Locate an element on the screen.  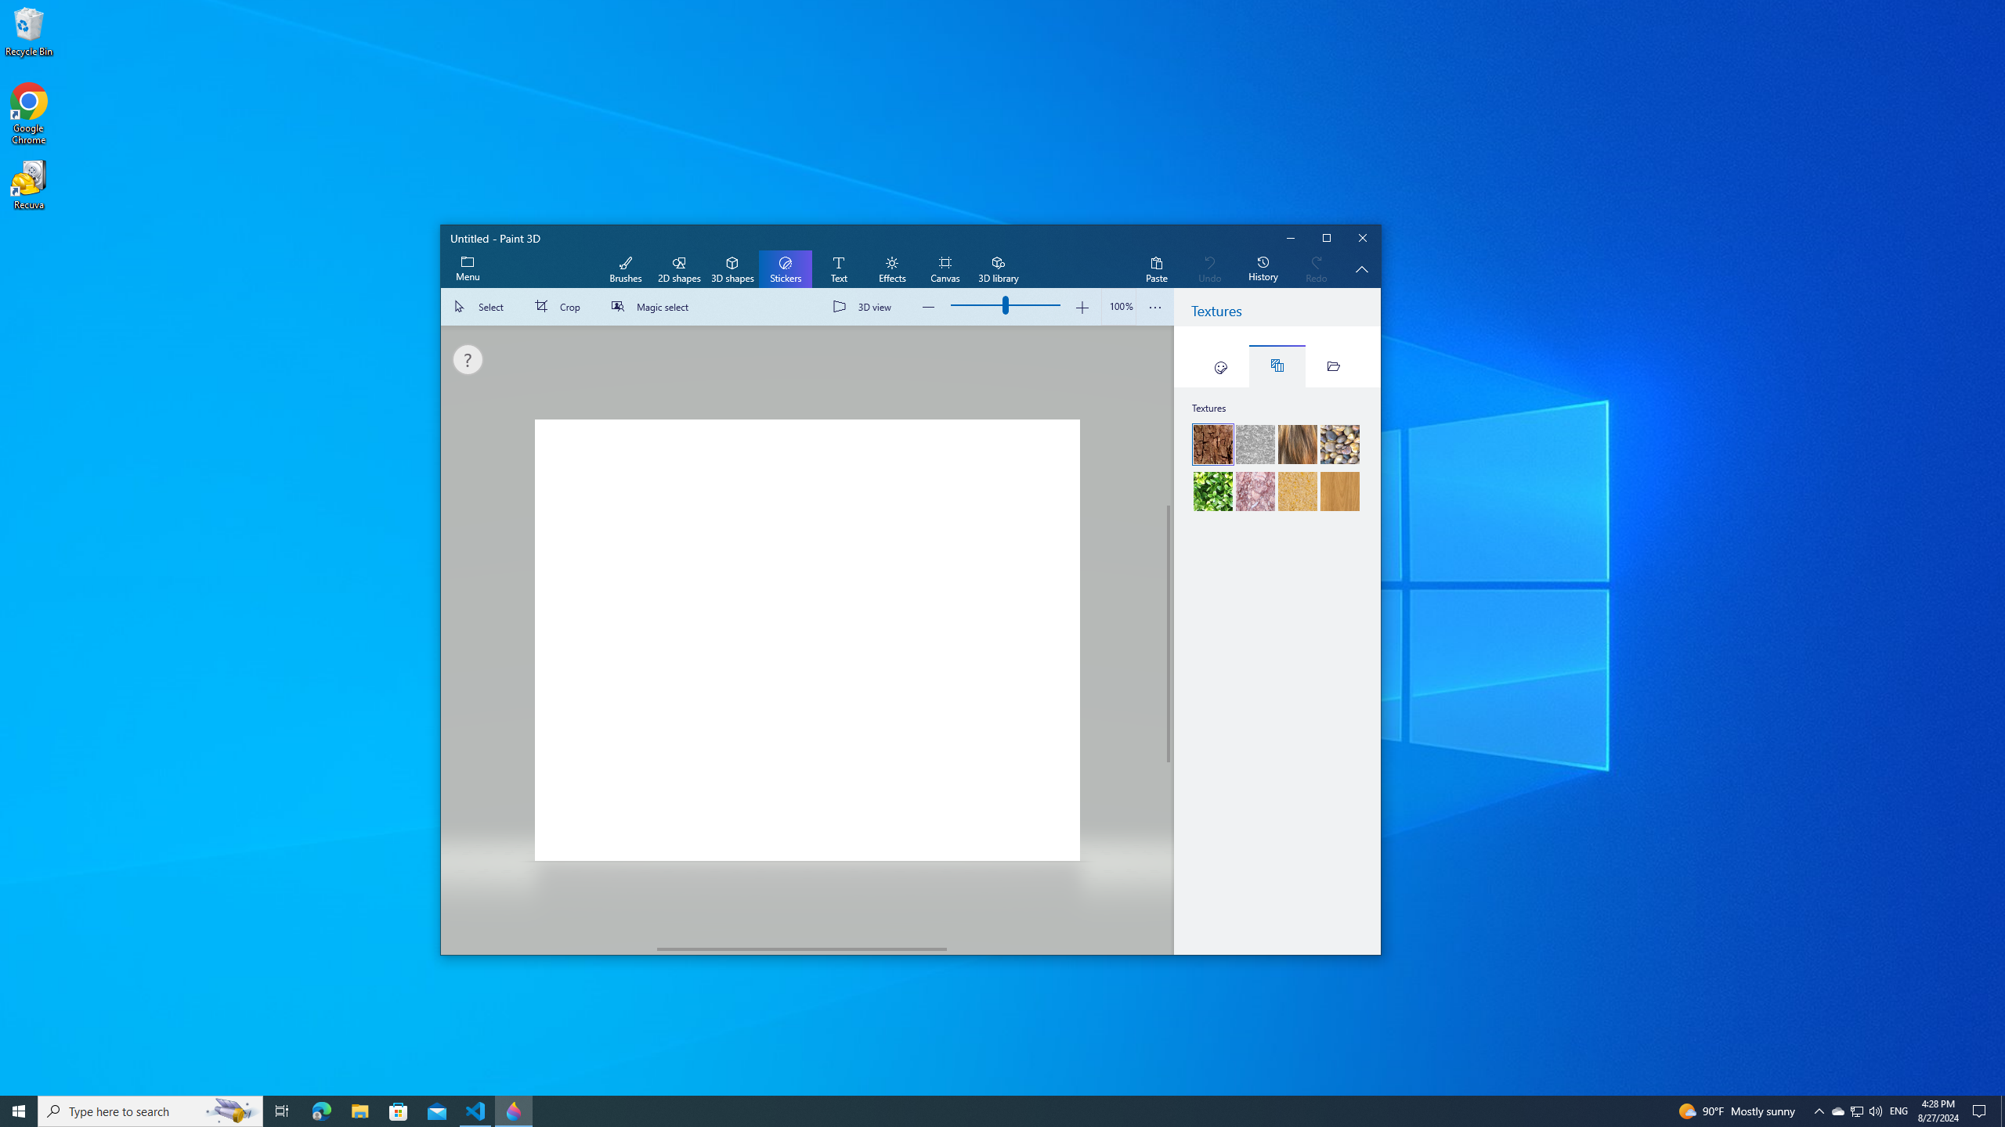
'Hedge' is located at coordinates (1212, 491).